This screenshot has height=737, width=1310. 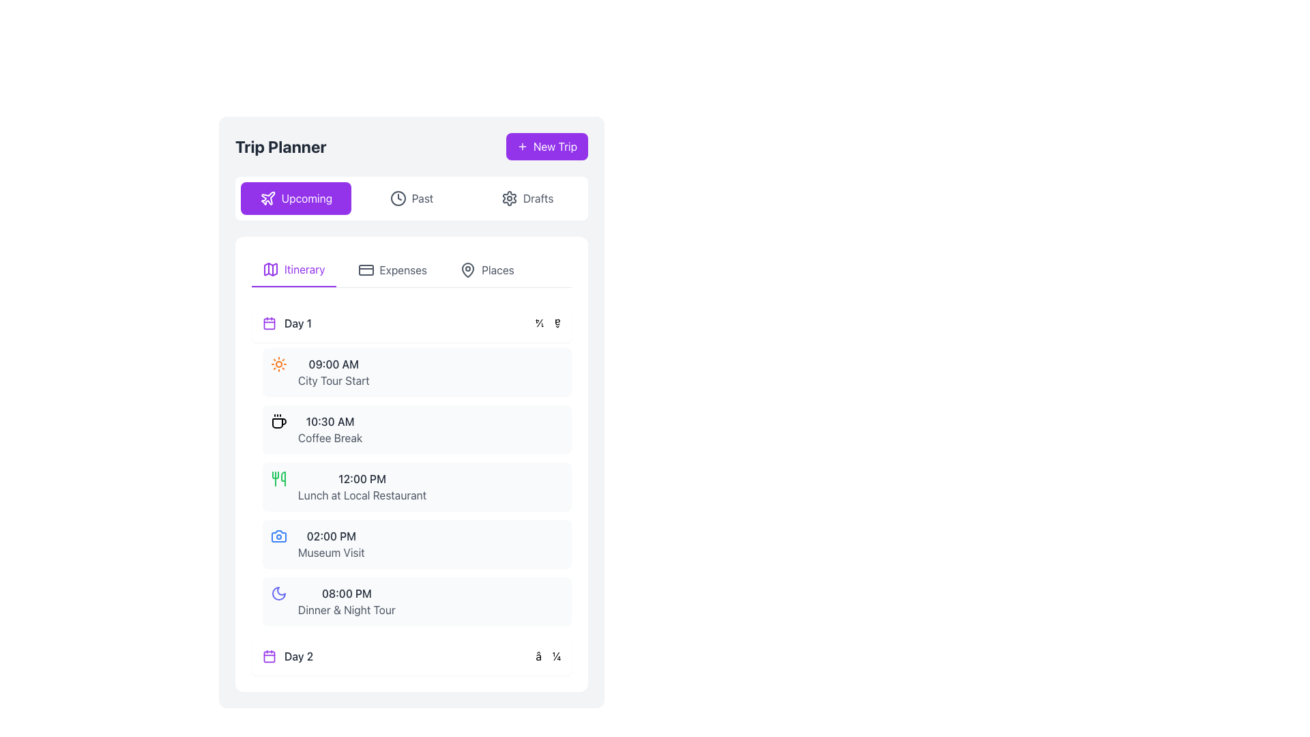 What do you see at coordinates (548, 655) in the screenshot?
I see `the interactive dropdown indicator icon adjacent to the 'Day 2' label` at bounding box center [548, 655].